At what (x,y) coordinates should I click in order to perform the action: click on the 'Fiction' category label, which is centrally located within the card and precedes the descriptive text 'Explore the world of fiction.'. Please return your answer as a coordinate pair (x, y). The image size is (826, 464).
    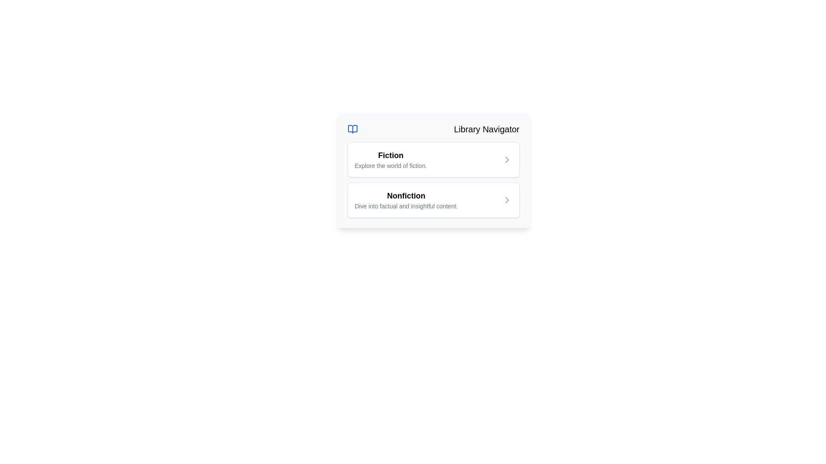
    Looking at the image, I should click on (390, 156).